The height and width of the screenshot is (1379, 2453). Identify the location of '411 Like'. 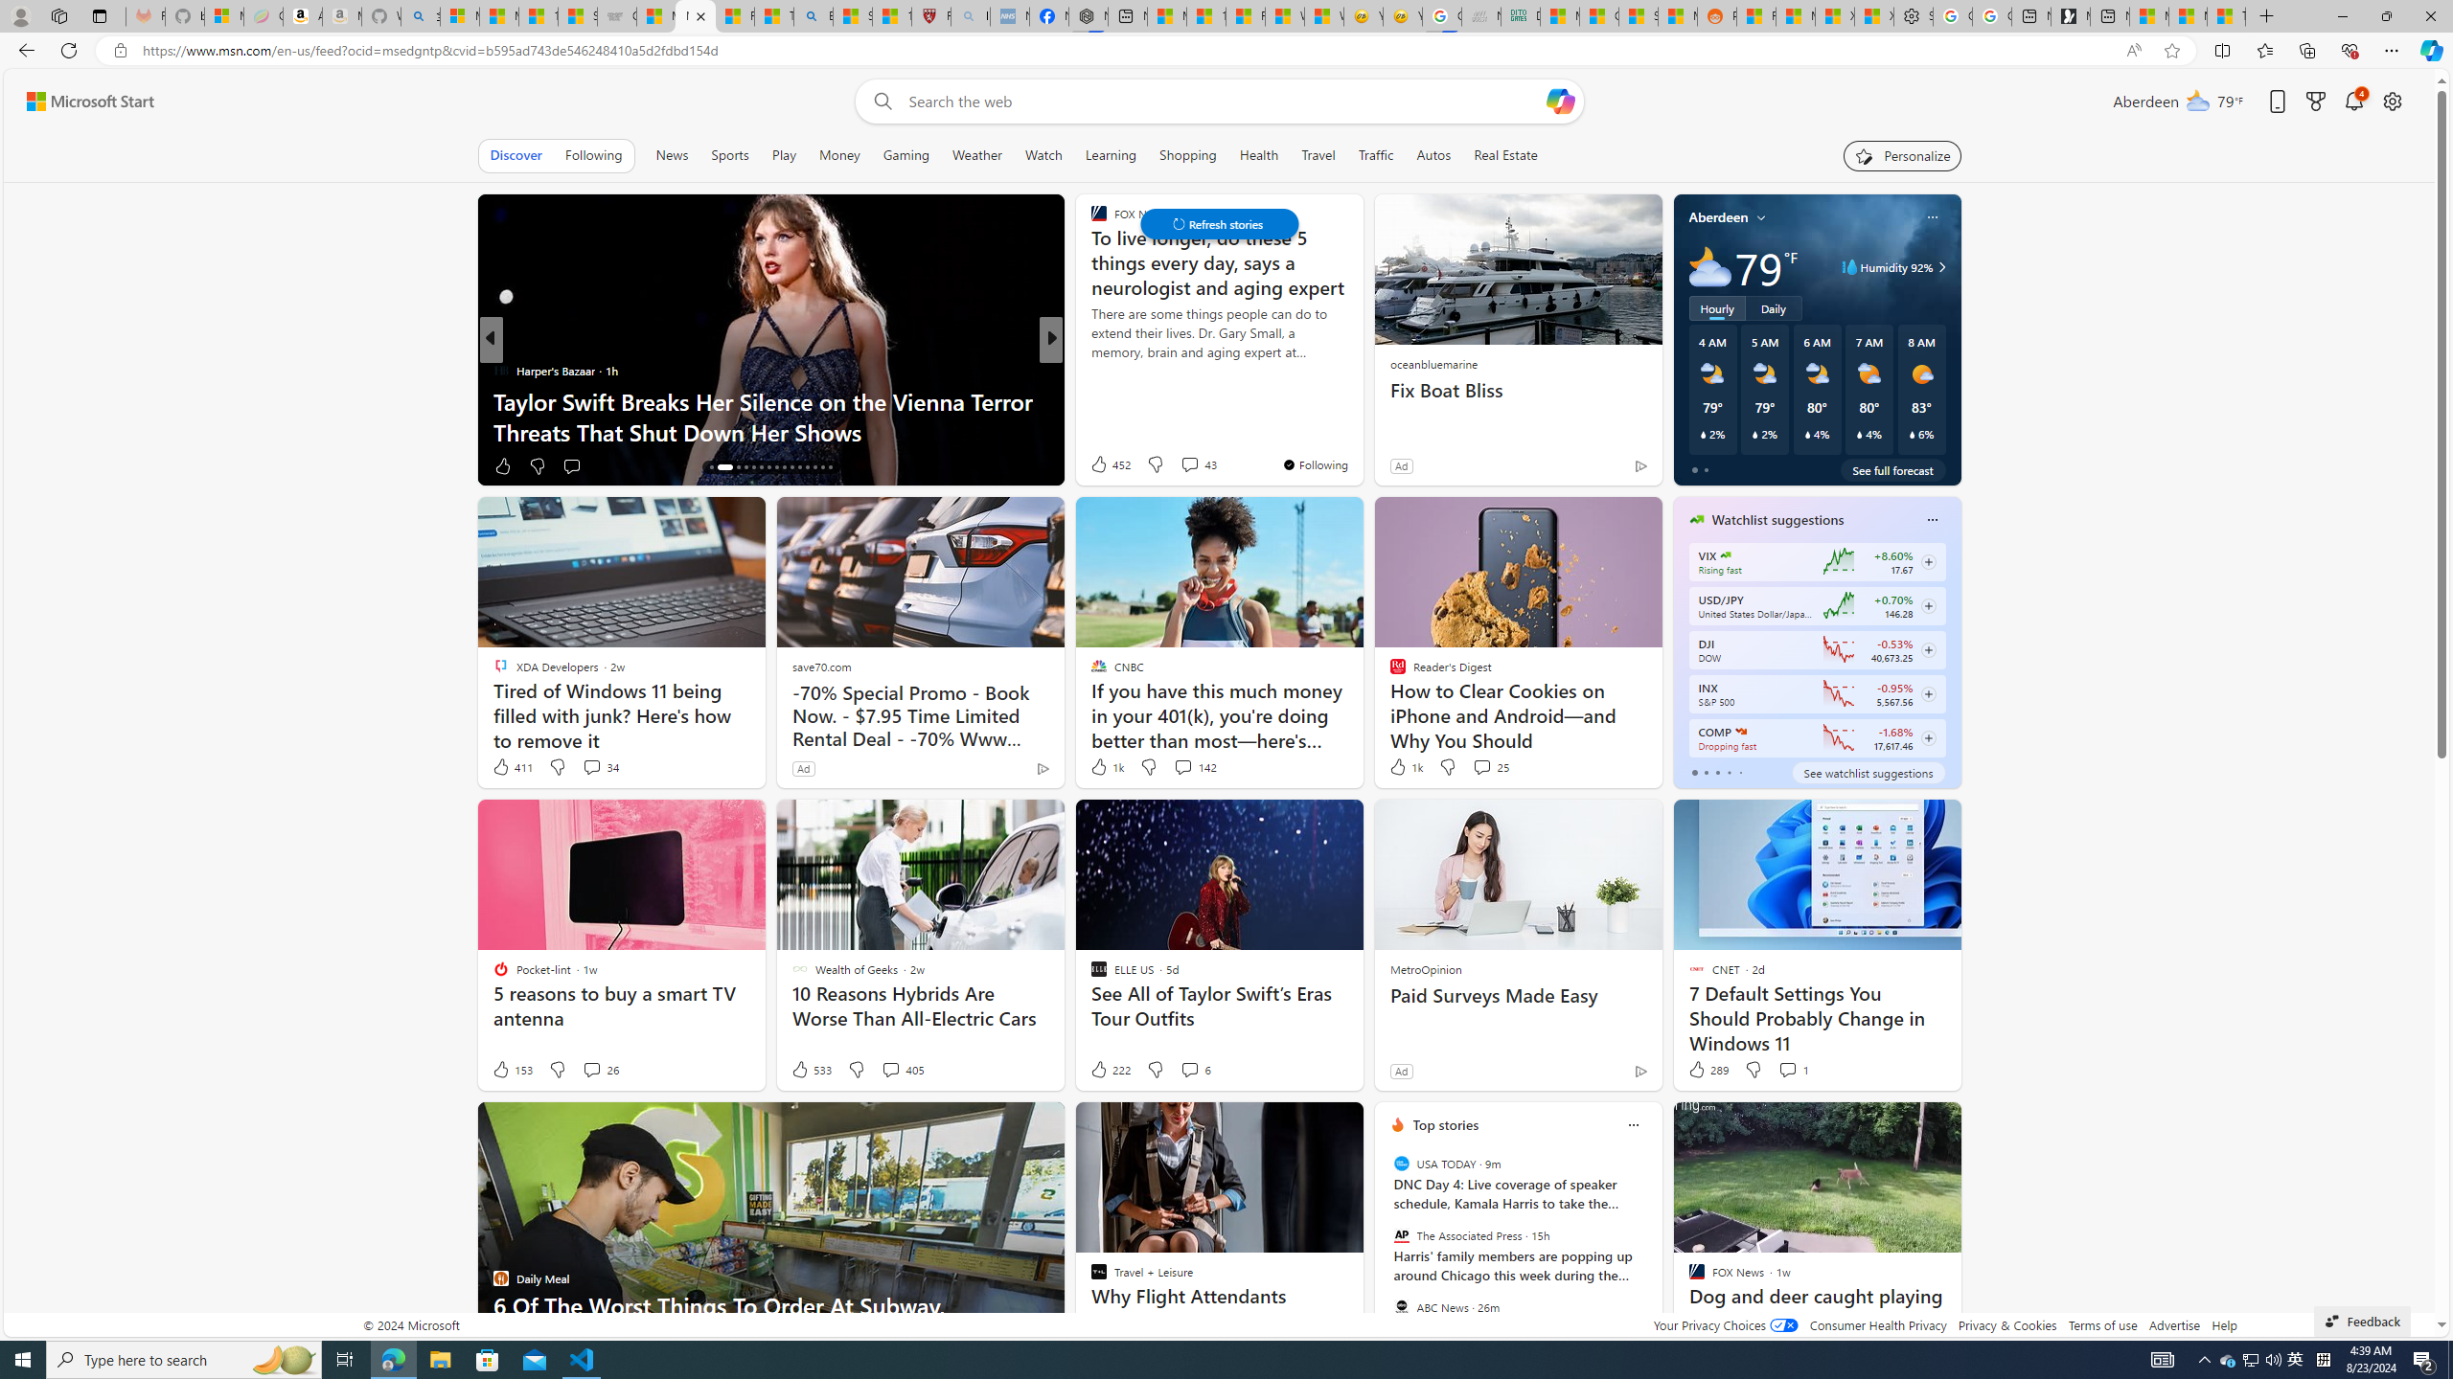
(511, 766).